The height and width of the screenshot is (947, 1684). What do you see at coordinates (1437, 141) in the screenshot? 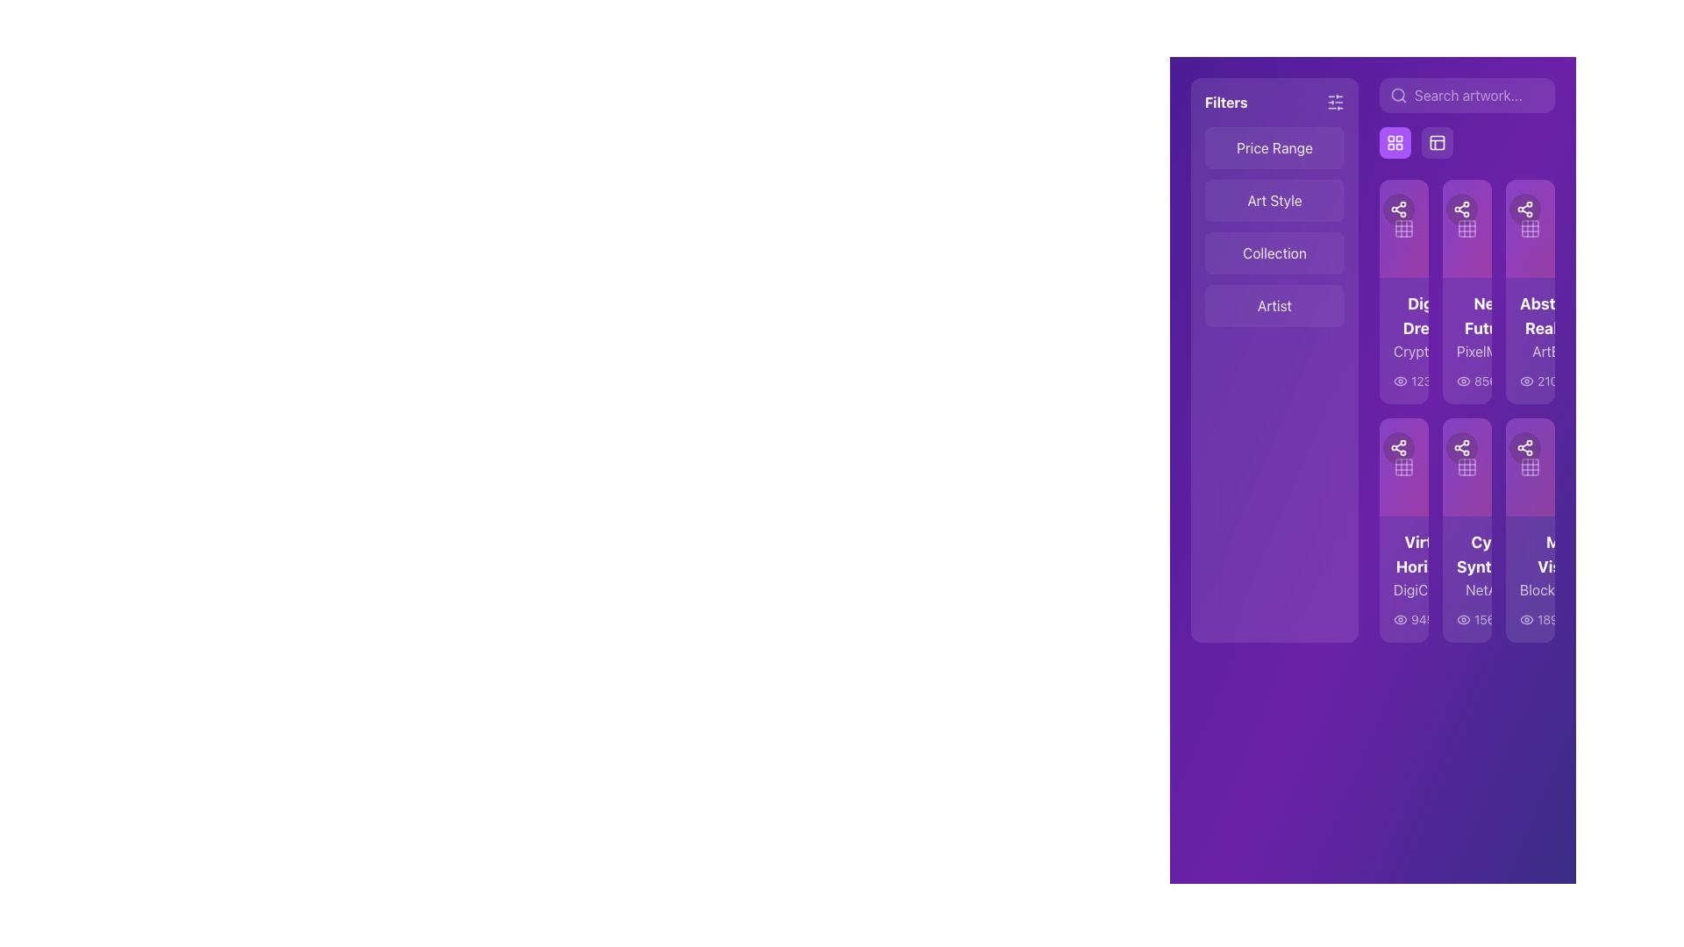
I see `the mode toggle button located in the first row of the button group near the top-right corner of the interface` at bounding box center [1437, 141].